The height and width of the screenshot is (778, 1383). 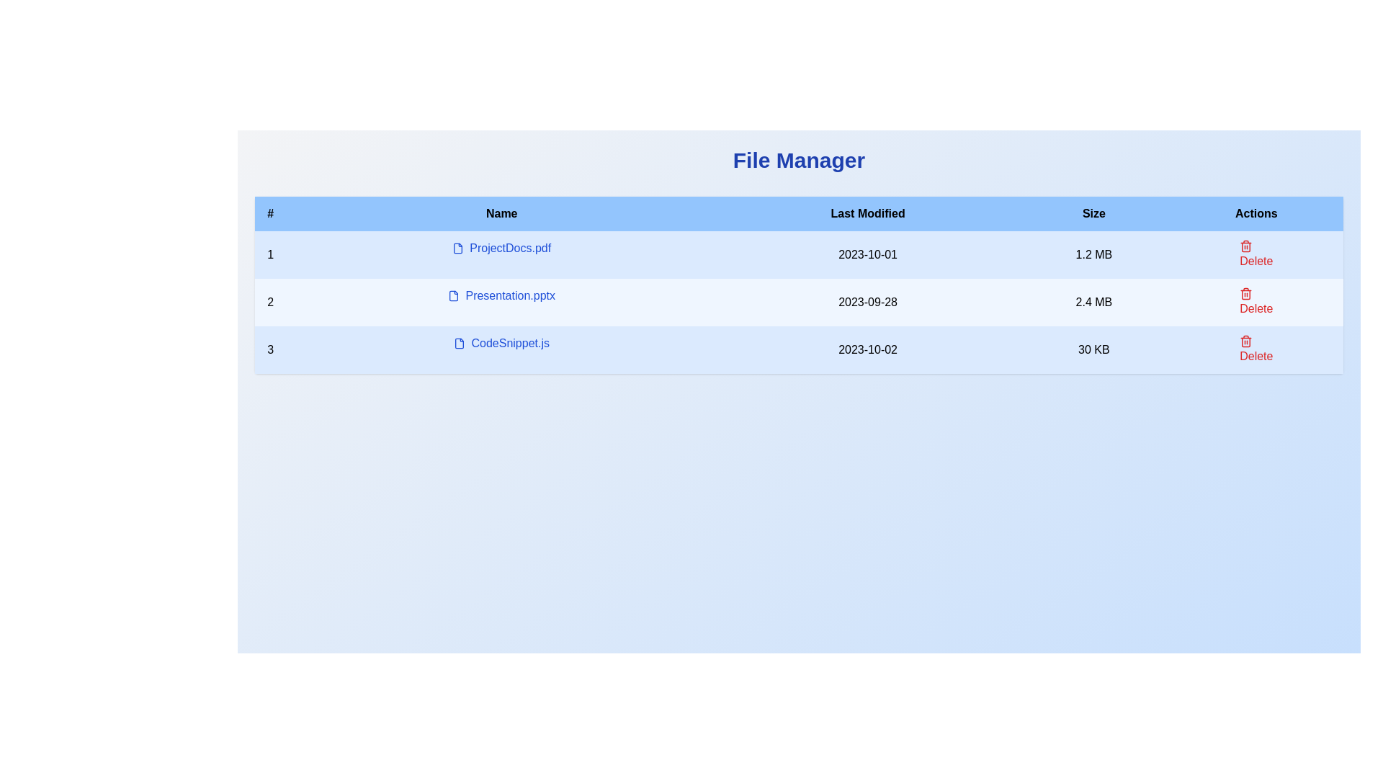 I want to click on the delete button for the file 'Presentation.pptx' to potentially reveal additional information or effects, so click(x=1256, y=254).